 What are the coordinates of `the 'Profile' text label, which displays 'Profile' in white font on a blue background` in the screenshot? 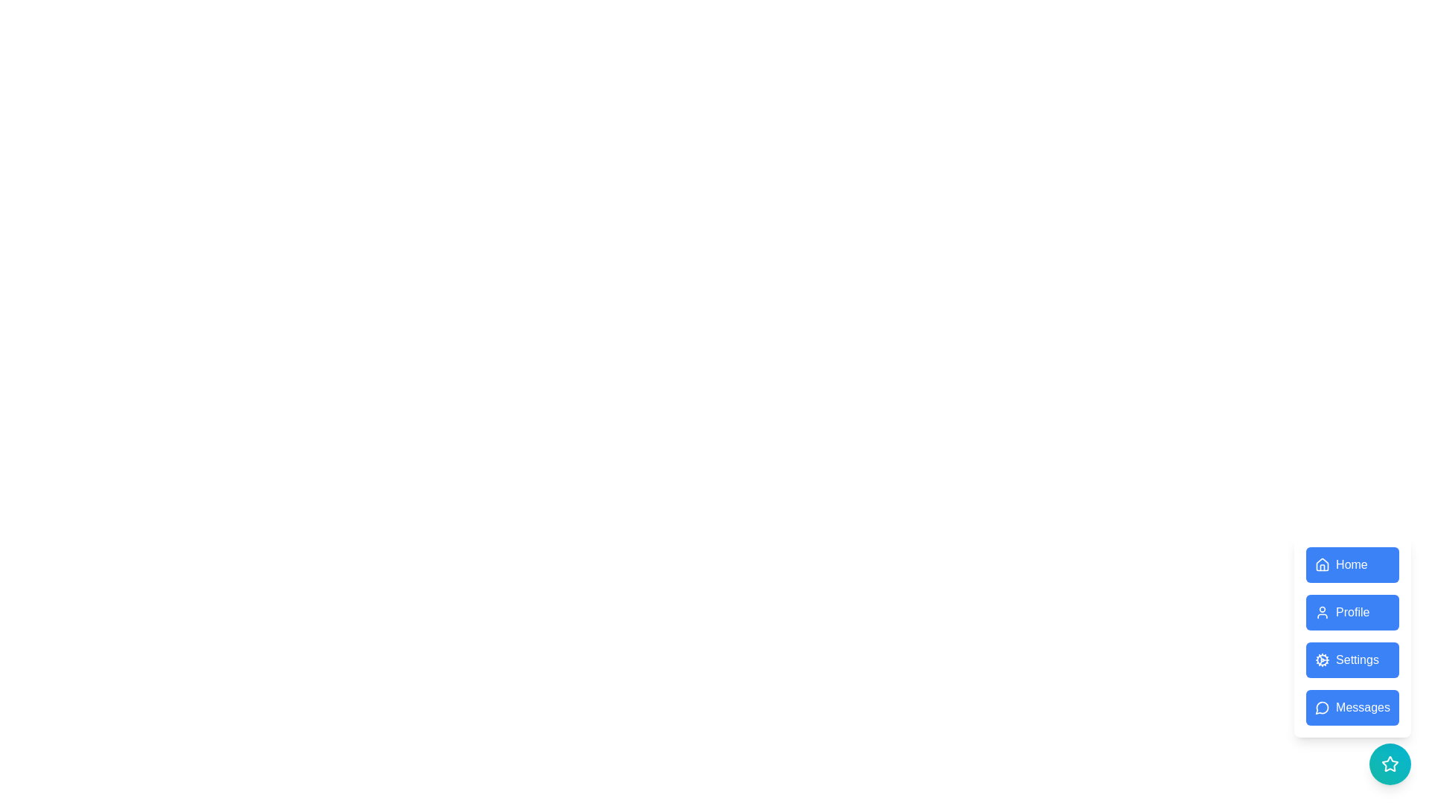 It's located at (1352, 613).